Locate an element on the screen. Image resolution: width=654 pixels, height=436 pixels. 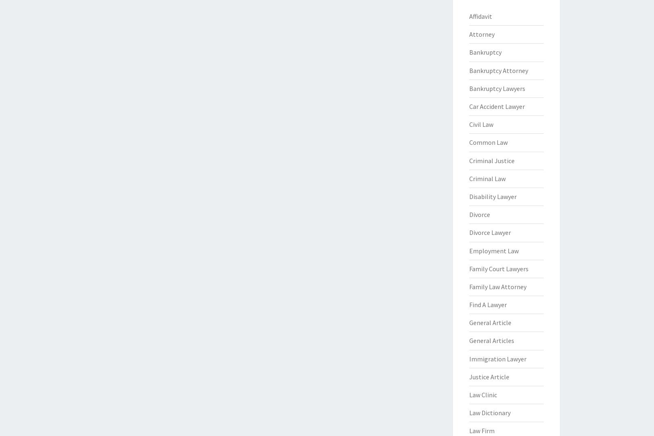
'Bankruptcy Attorney' is located at coordinates (498, 70).